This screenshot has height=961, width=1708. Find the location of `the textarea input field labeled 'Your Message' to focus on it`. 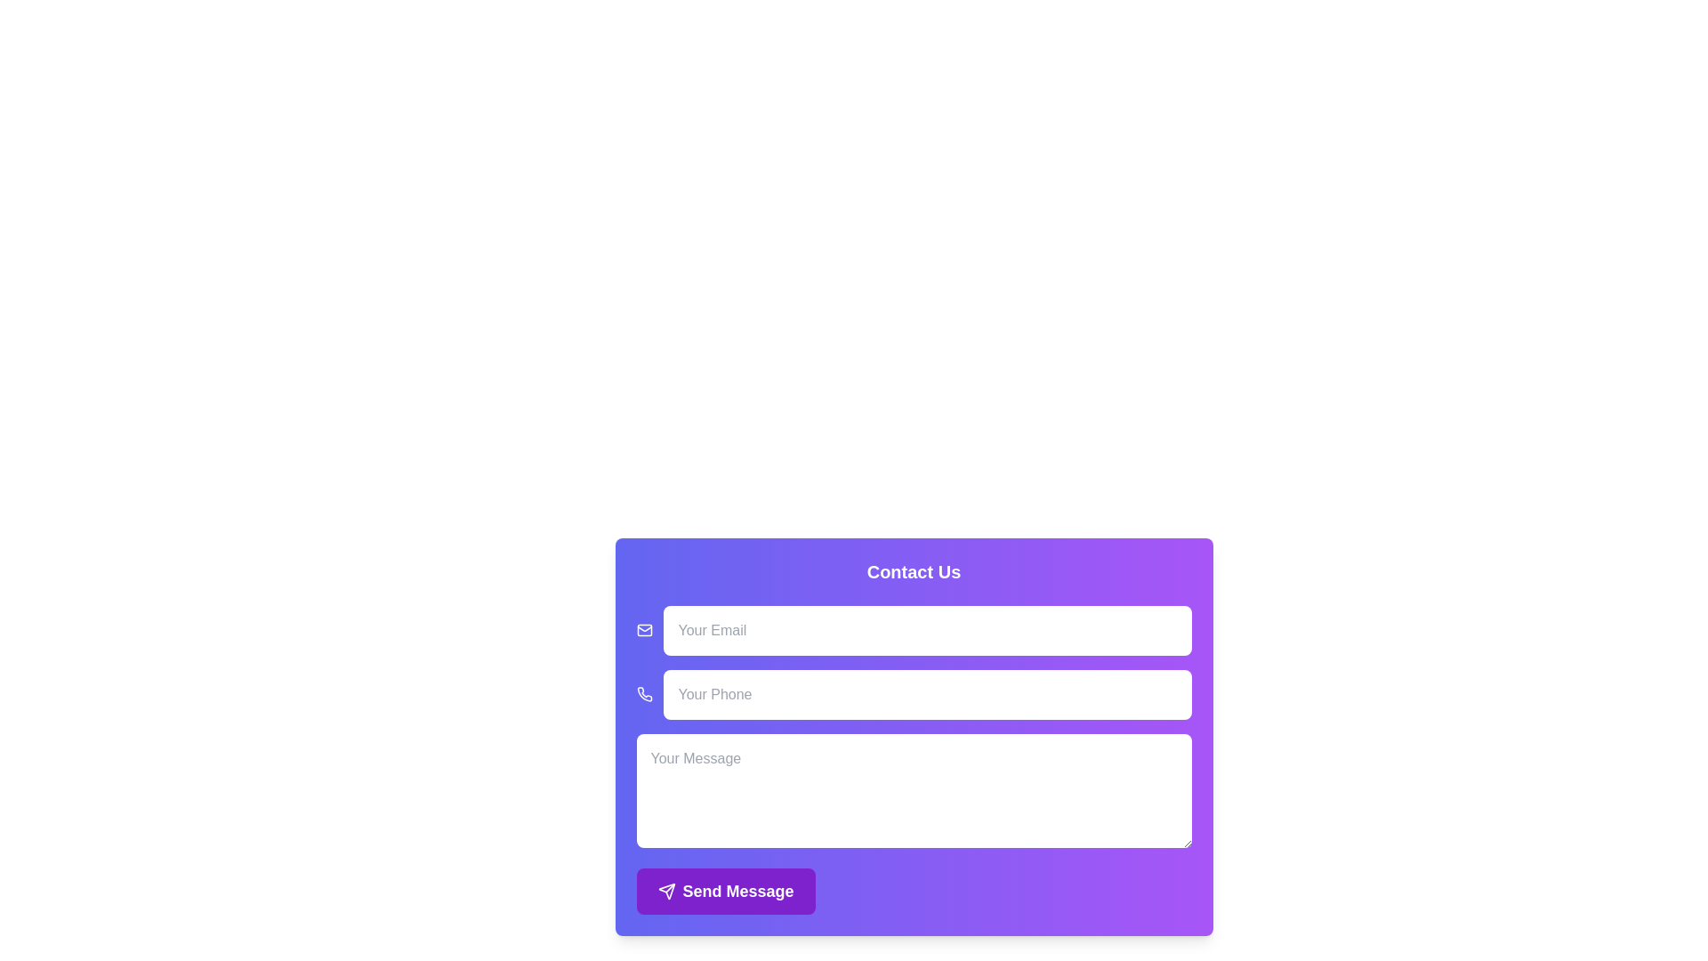

the textarea input field labeled 'Your Message' to focus on it is located at coordinates (914, 789).